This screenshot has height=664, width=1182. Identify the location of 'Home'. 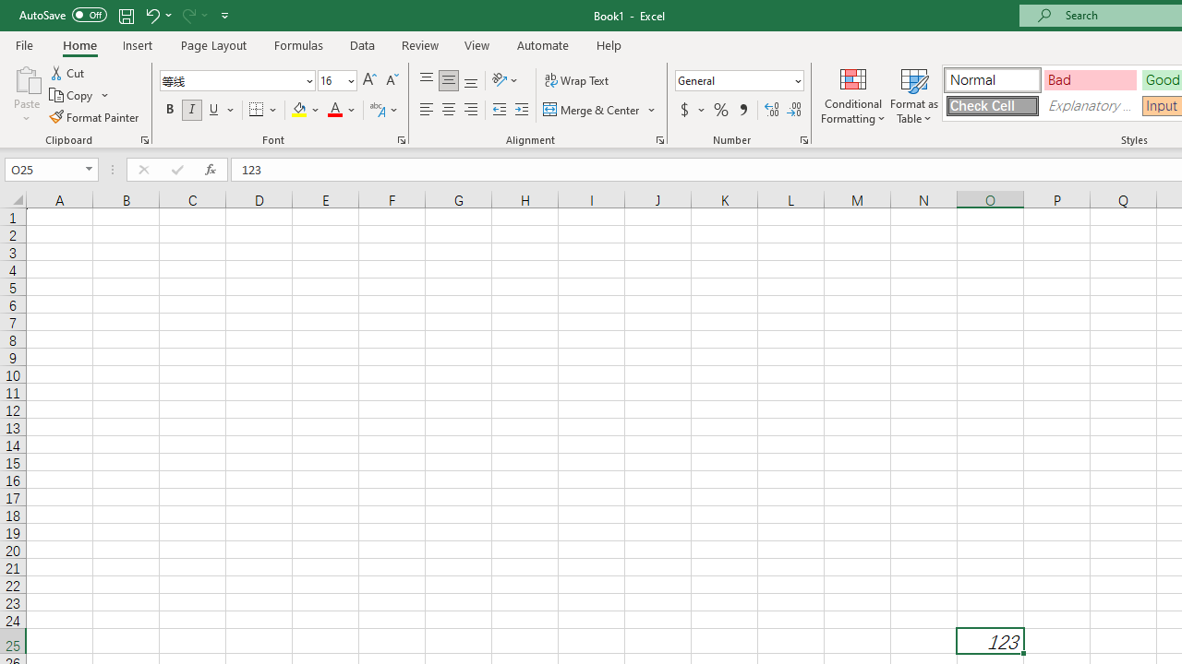
(78, 44).